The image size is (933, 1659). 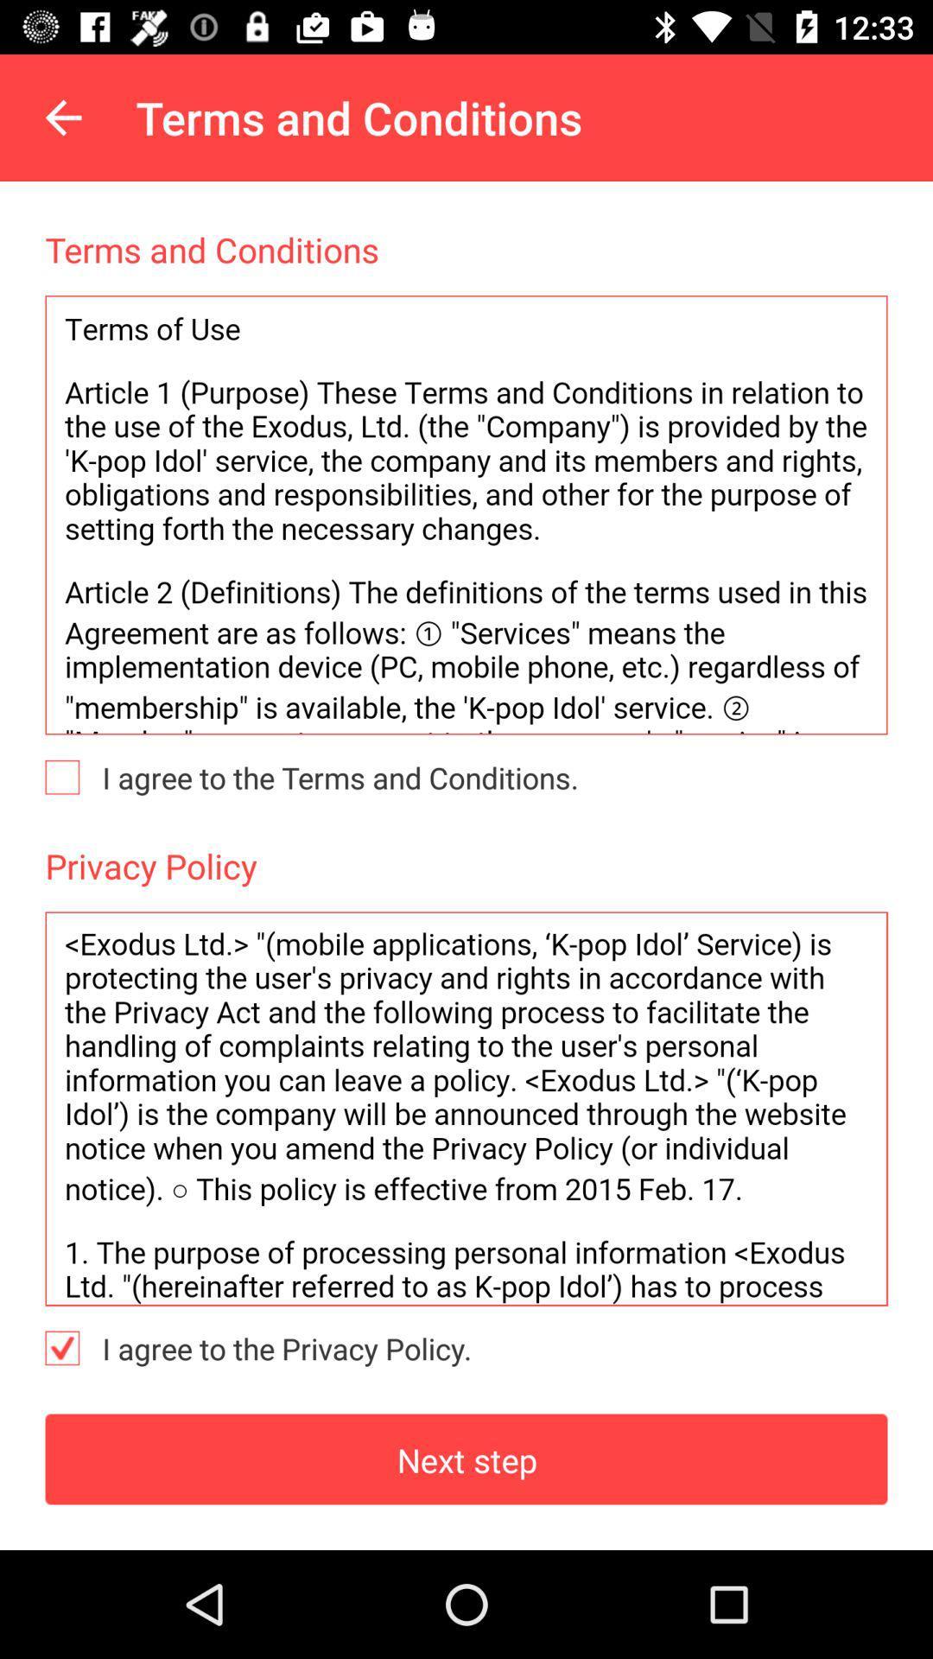 What do you see at coordinates (466, 1109) in the screenshot?
I see `browse the privacy policy` at bounding box center [466, 1109].